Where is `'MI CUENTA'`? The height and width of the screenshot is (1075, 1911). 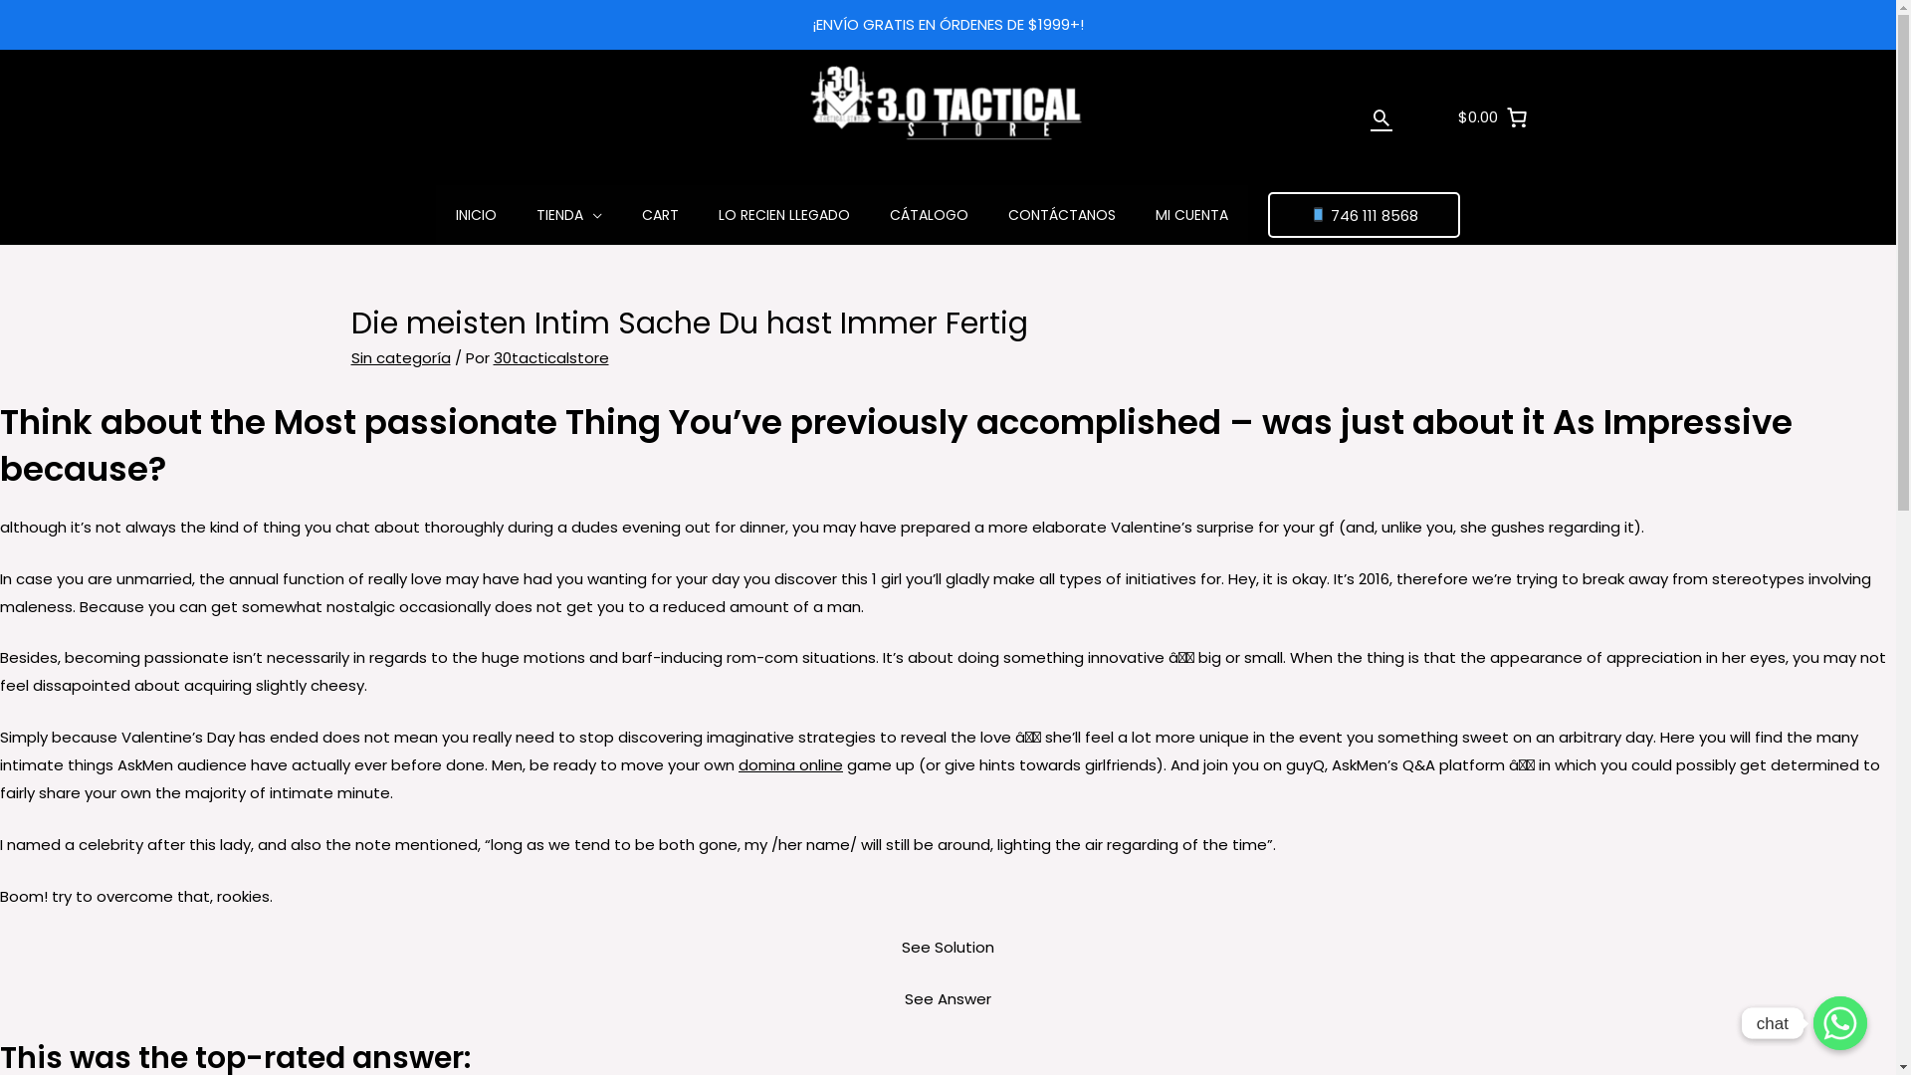
'MI CUENTA' is located at coordinates (1191, 215).